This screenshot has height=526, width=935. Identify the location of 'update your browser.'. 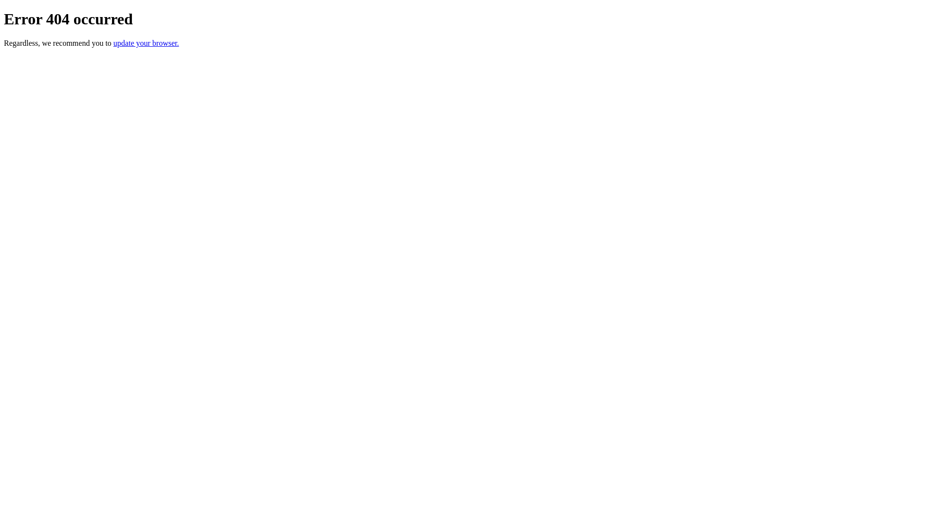
(146, 42).